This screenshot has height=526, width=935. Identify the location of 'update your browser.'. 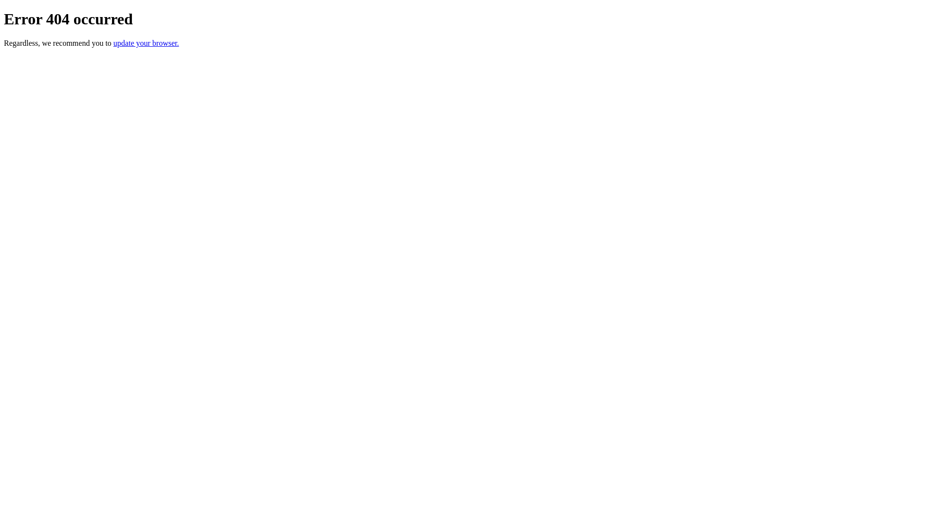
(146, 42).